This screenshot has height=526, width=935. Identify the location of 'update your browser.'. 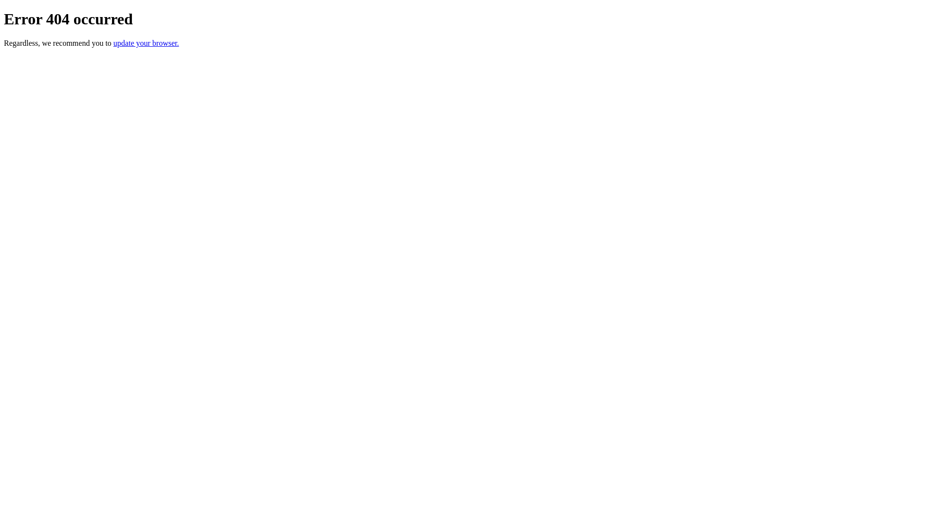
(146, 42).